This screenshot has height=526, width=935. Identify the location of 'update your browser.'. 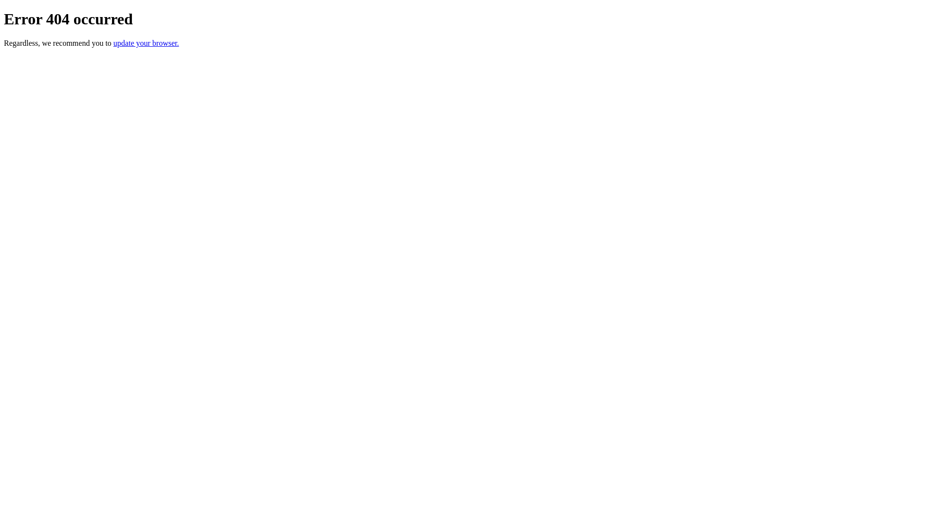
(146, 42).